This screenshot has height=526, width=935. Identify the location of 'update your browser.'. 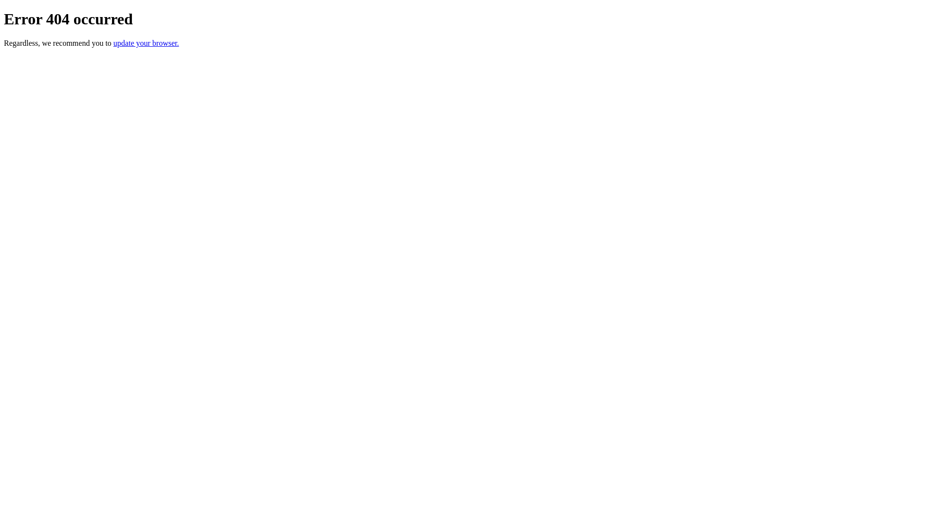
(146, 42).